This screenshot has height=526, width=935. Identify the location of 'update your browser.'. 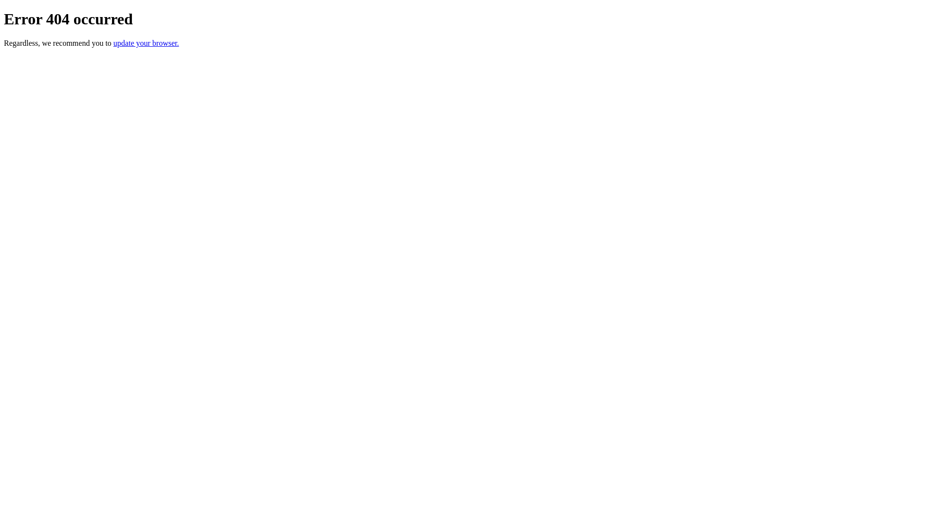
(146, 42).